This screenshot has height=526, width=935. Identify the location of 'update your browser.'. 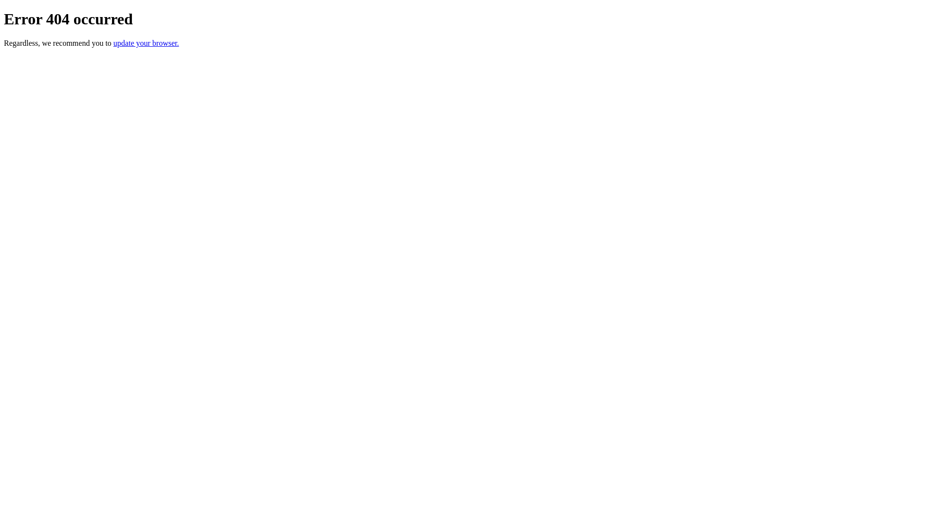
(146, 42).